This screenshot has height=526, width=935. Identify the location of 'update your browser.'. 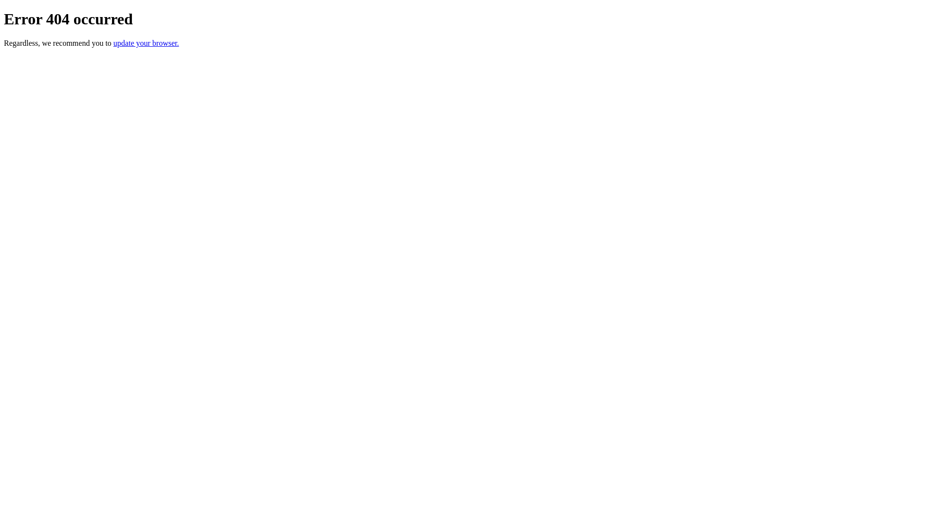
(146, 42).